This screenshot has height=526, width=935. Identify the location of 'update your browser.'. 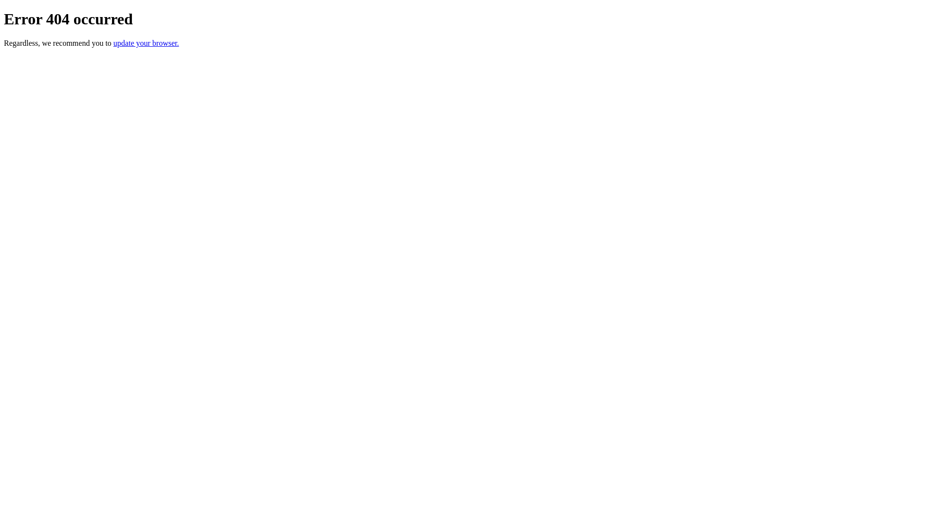
(146, 42).